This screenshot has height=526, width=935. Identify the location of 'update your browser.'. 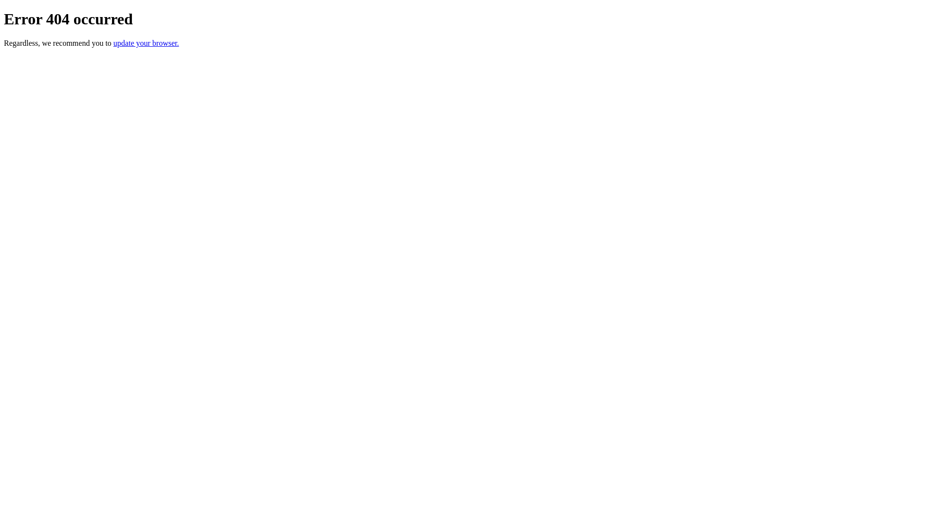
(146, 42).